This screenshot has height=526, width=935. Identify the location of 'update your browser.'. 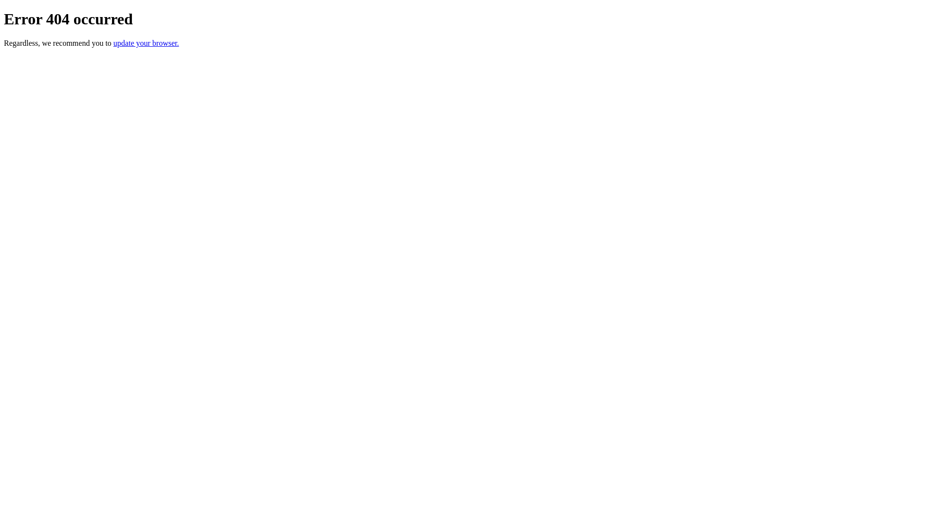
(146, 42).